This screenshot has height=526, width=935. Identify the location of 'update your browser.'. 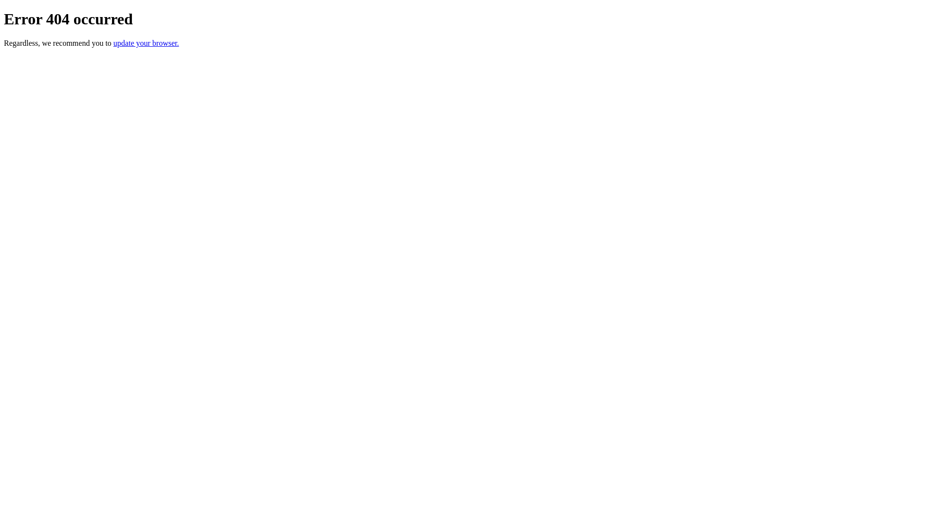
(146, 42).